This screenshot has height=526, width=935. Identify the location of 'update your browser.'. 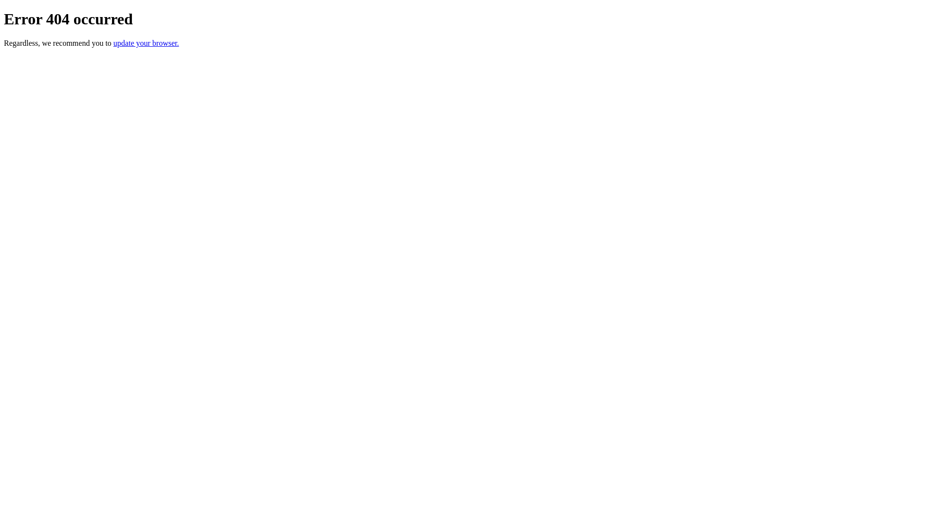
(146, 42).